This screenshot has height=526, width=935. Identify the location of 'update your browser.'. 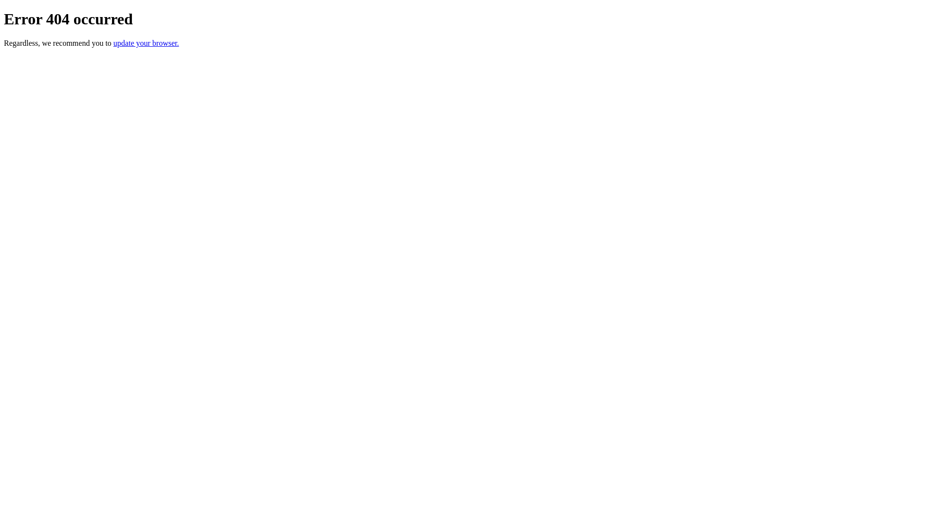
(146, 42).